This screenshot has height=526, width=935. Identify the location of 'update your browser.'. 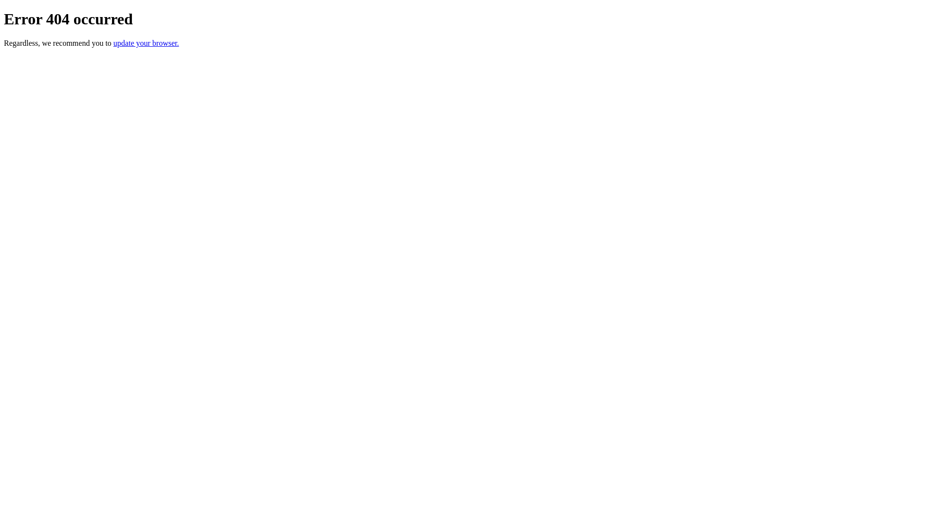
(146, 42).